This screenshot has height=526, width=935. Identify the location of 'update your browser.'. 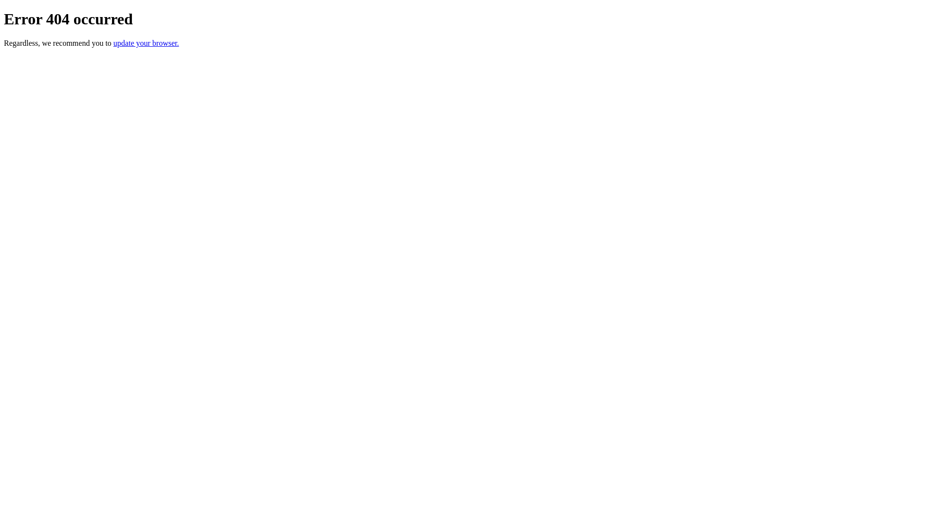
(146, 42).